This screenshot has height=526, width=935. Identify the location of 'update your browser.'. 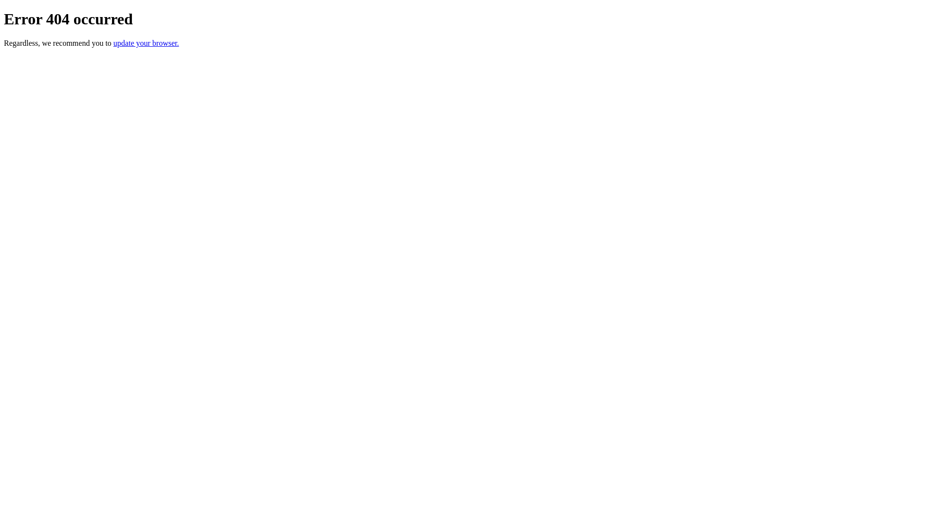
(146, 42).